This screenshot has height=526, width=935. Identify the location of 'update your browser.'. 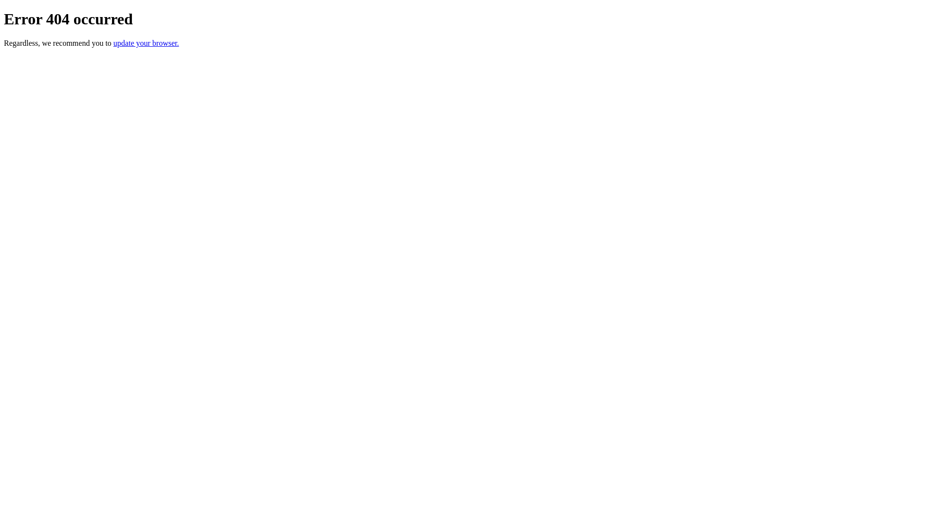
(146, 42).